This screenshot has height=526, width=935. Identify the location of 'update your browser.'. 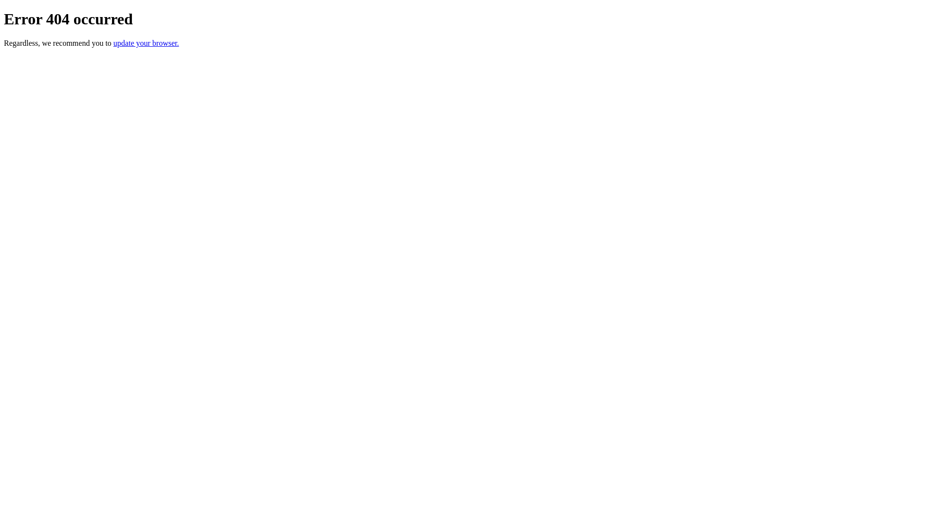
(146, 42).